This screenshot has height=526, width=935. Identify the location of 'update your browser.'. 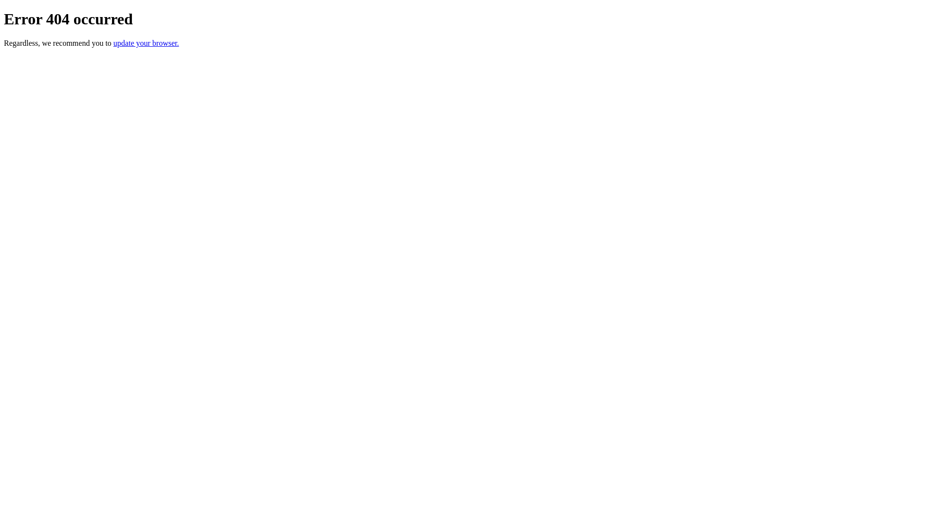
(146, 42).